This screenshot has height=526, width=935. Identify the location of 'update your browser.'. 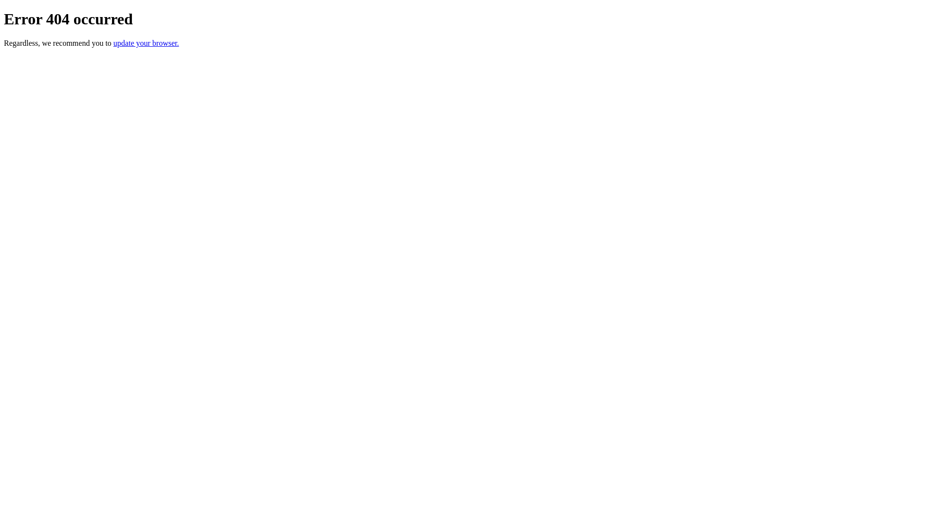
(146, 42).